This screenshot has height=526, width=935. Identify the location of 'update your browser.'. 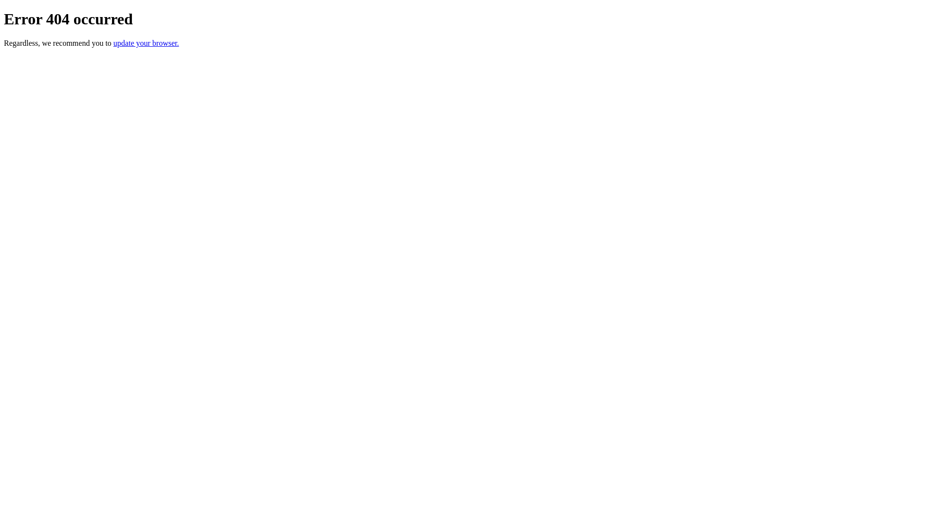
(146, 42).